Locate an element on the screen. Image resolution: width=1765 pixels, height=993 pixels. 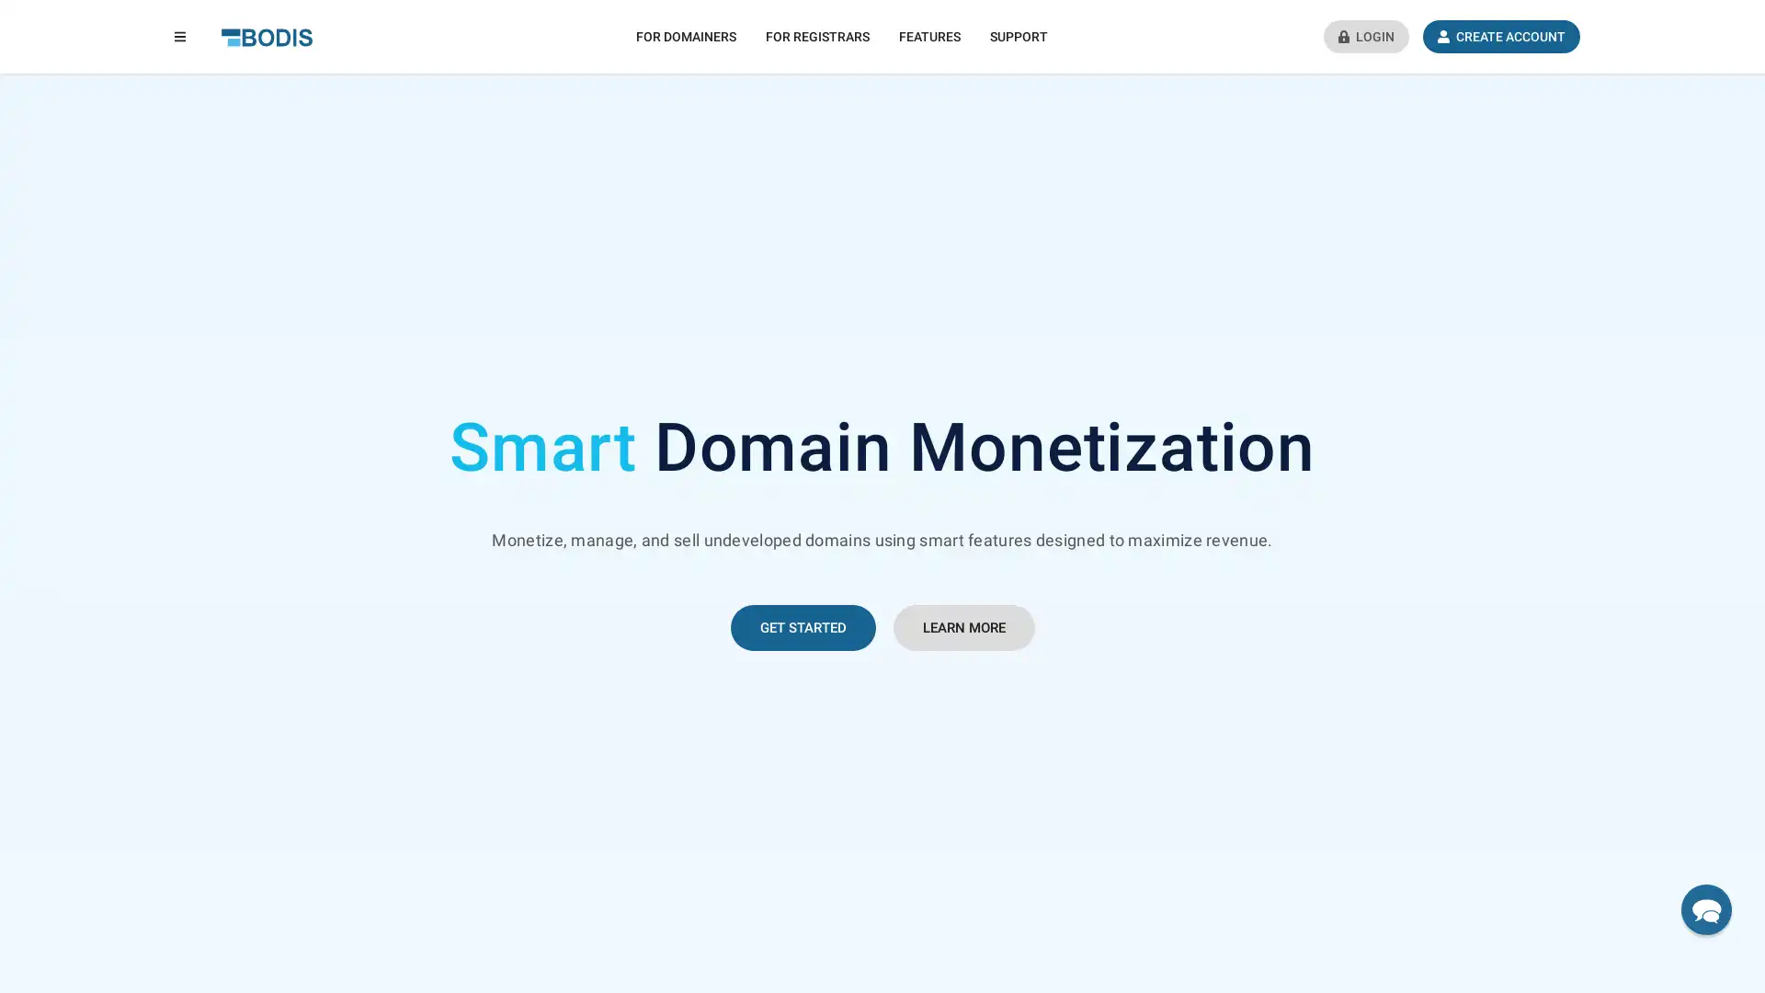
LEARN MORE is located at coordinates (962, 626).